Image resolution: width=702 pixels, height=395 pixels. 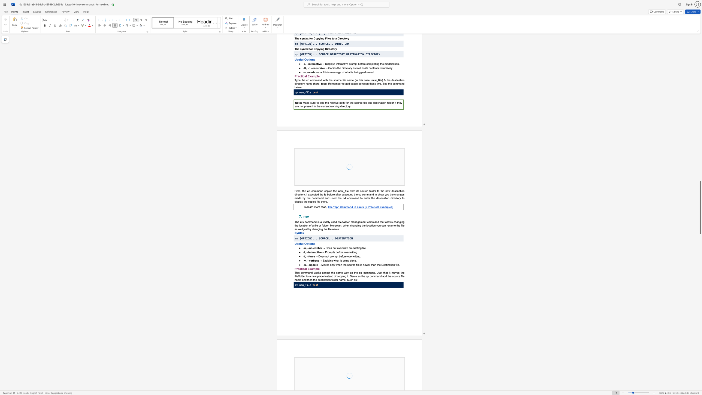 What do you see at coordinates (700, 68) in the screenshot?
I see `the scrollbar to slide the page up` at bounding box center [700, 68].